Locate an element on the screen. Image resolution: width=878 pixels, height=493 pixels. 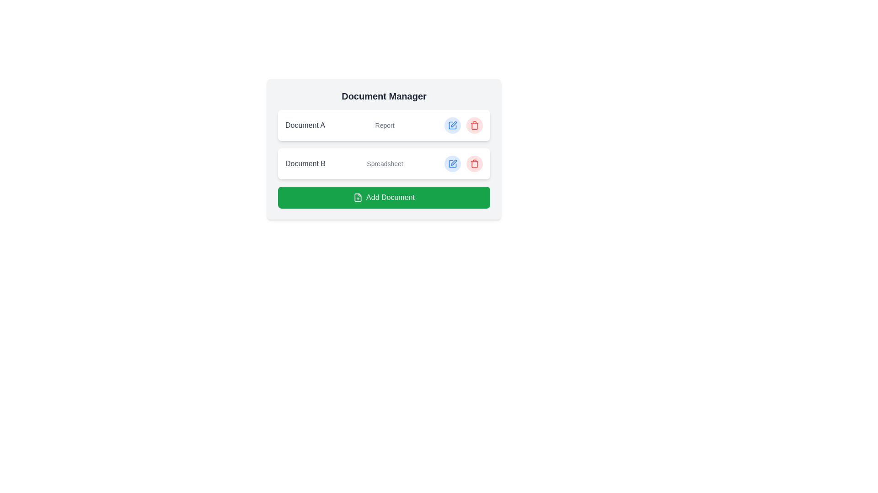
the delete icon located within the 'Document A' row, which is nested within a red circular button on the right-hand side of the row is located at coordinates (474, 125).